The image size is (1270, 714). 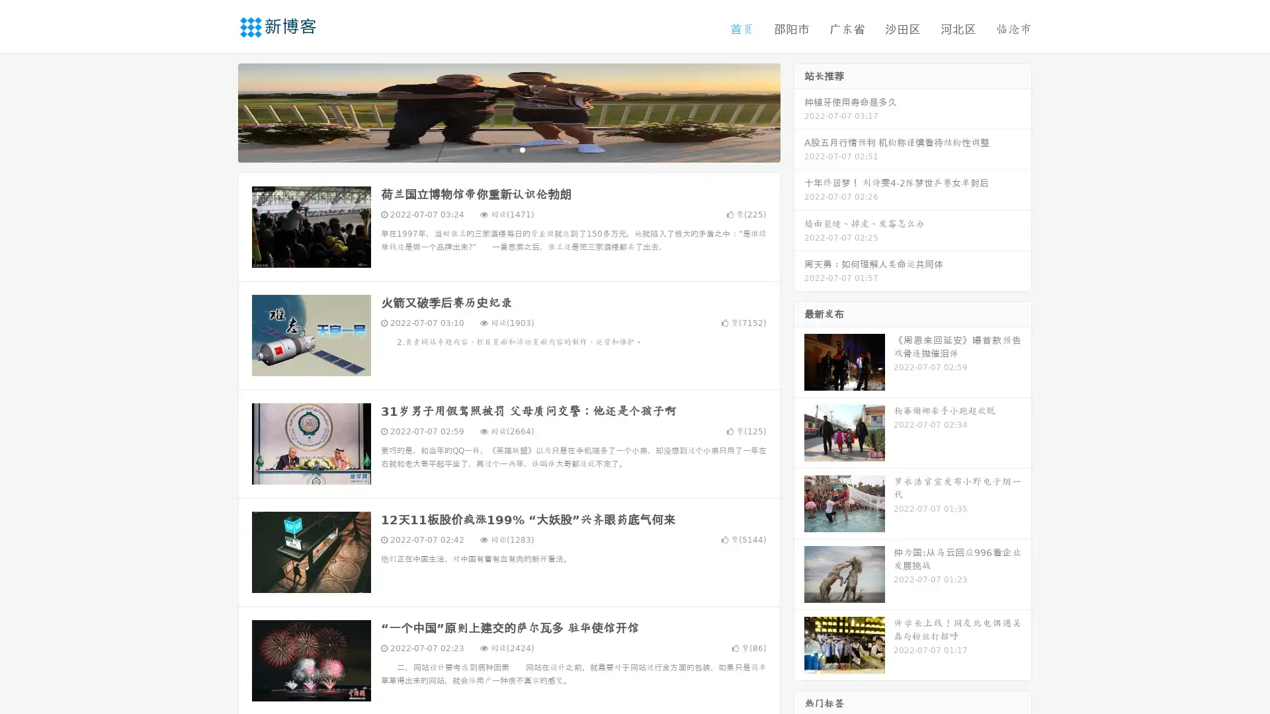 What do you see at coordinates (218, 111) in the screenshot?
I see `Previous slide` at bounding box center [218, 111].